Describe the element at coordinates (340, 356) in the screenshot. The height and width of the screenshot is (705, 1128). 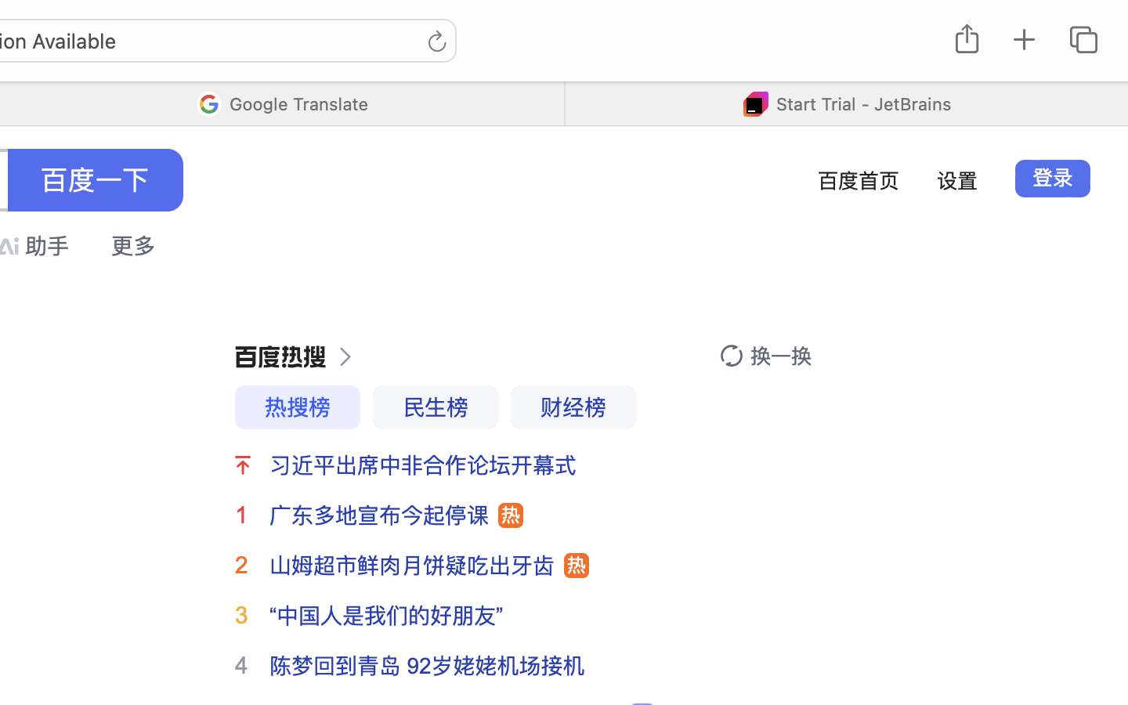
I see `''` at that location.